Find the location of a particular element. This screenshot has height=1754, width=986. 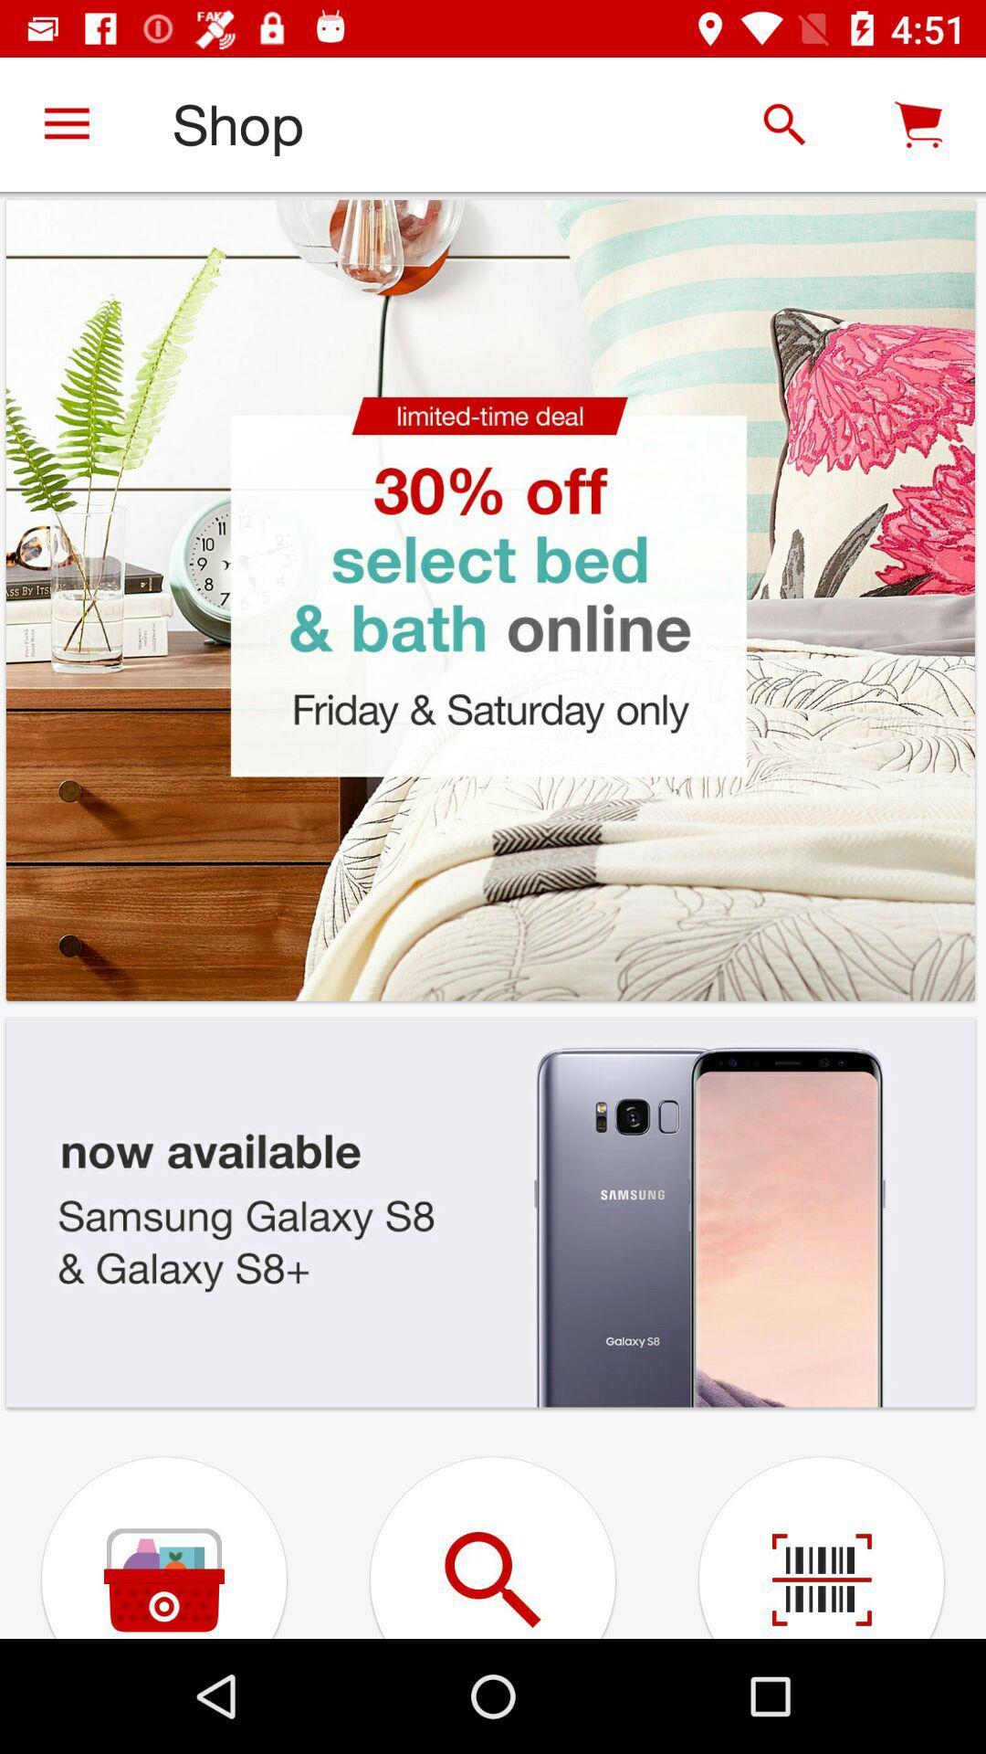

icon to the left of shop icon is located at coordinates (66, 123).